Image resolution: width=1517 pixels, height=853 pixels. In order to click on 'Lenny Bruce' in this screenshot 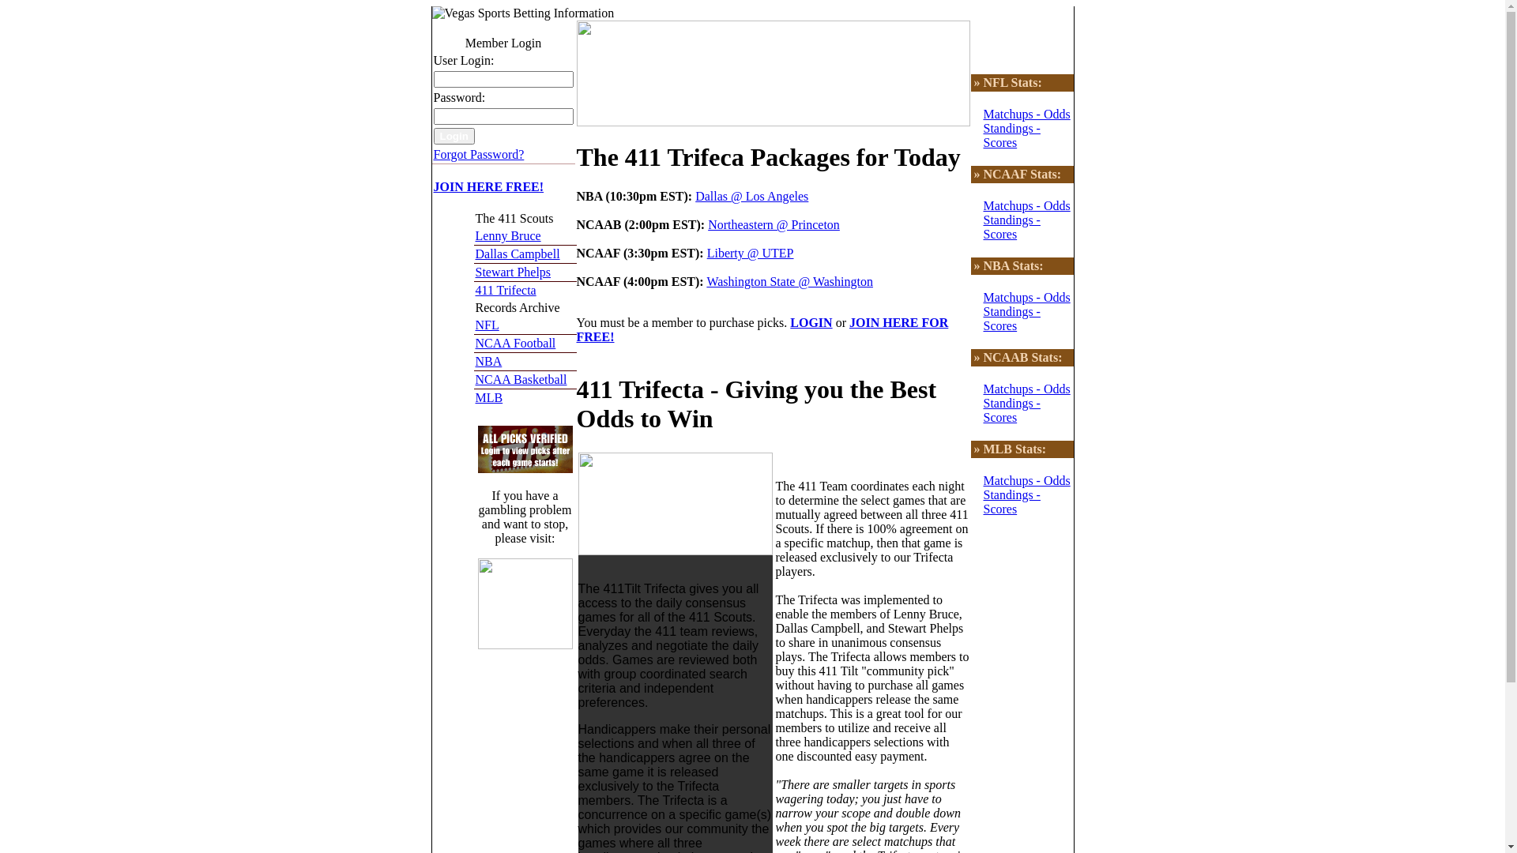, I will do `click(508, 235)`.